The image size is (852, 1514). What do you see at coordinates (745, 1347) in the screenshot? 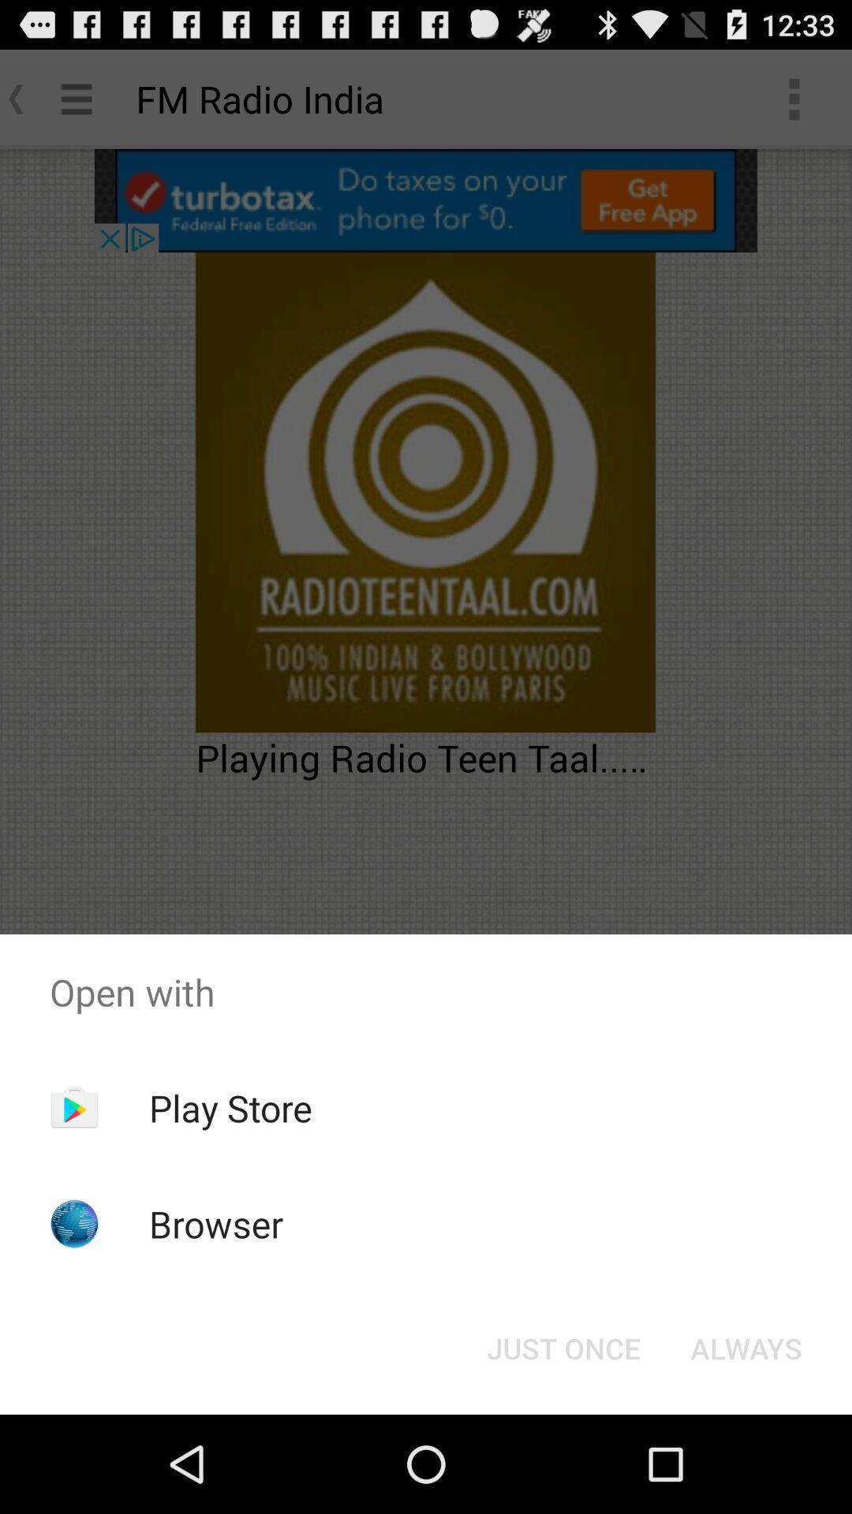
I see `always button` at bounding box center [745, 1347].